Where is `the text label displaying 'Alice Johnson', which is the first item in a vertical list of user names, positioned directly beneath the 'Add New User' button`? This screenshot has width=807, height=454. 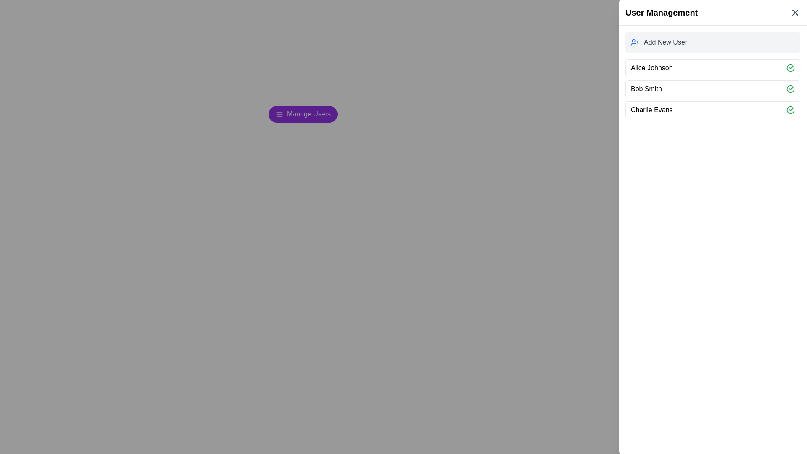
the text label displaying 'Alice Johnson', which is the first item in a vertical list of user names, positioned directly beneath the 'Add New User' button is located at coordinates (651, 68).